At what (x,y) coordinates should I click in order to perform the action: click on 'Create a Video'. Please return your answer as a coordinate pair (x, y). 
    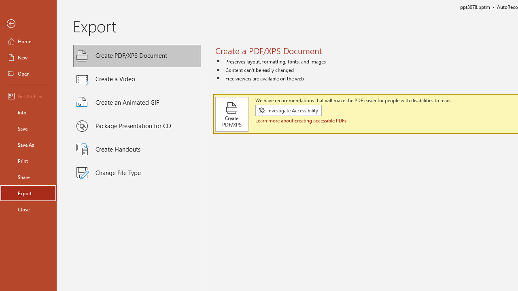
    Looking at the image, I should click on (137, 79).